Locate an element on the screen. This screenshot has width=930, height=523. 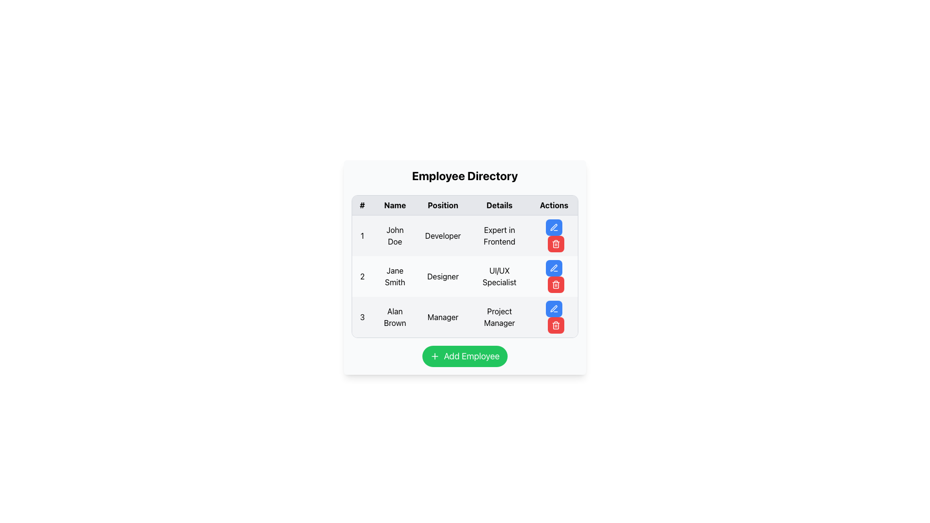
the button located below the employee information table to initiate the addition of a new employee is located at coordinates (465, 356).